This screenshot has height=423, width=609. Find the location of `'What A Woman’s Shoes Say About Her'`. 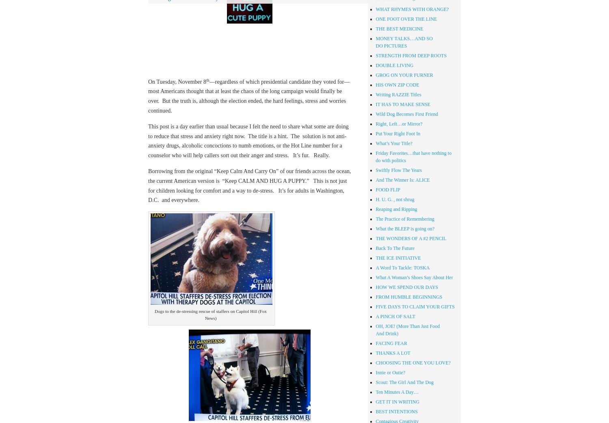

'What A Woman’s Shoes Say About Her' is located at coordinates (376, 277).